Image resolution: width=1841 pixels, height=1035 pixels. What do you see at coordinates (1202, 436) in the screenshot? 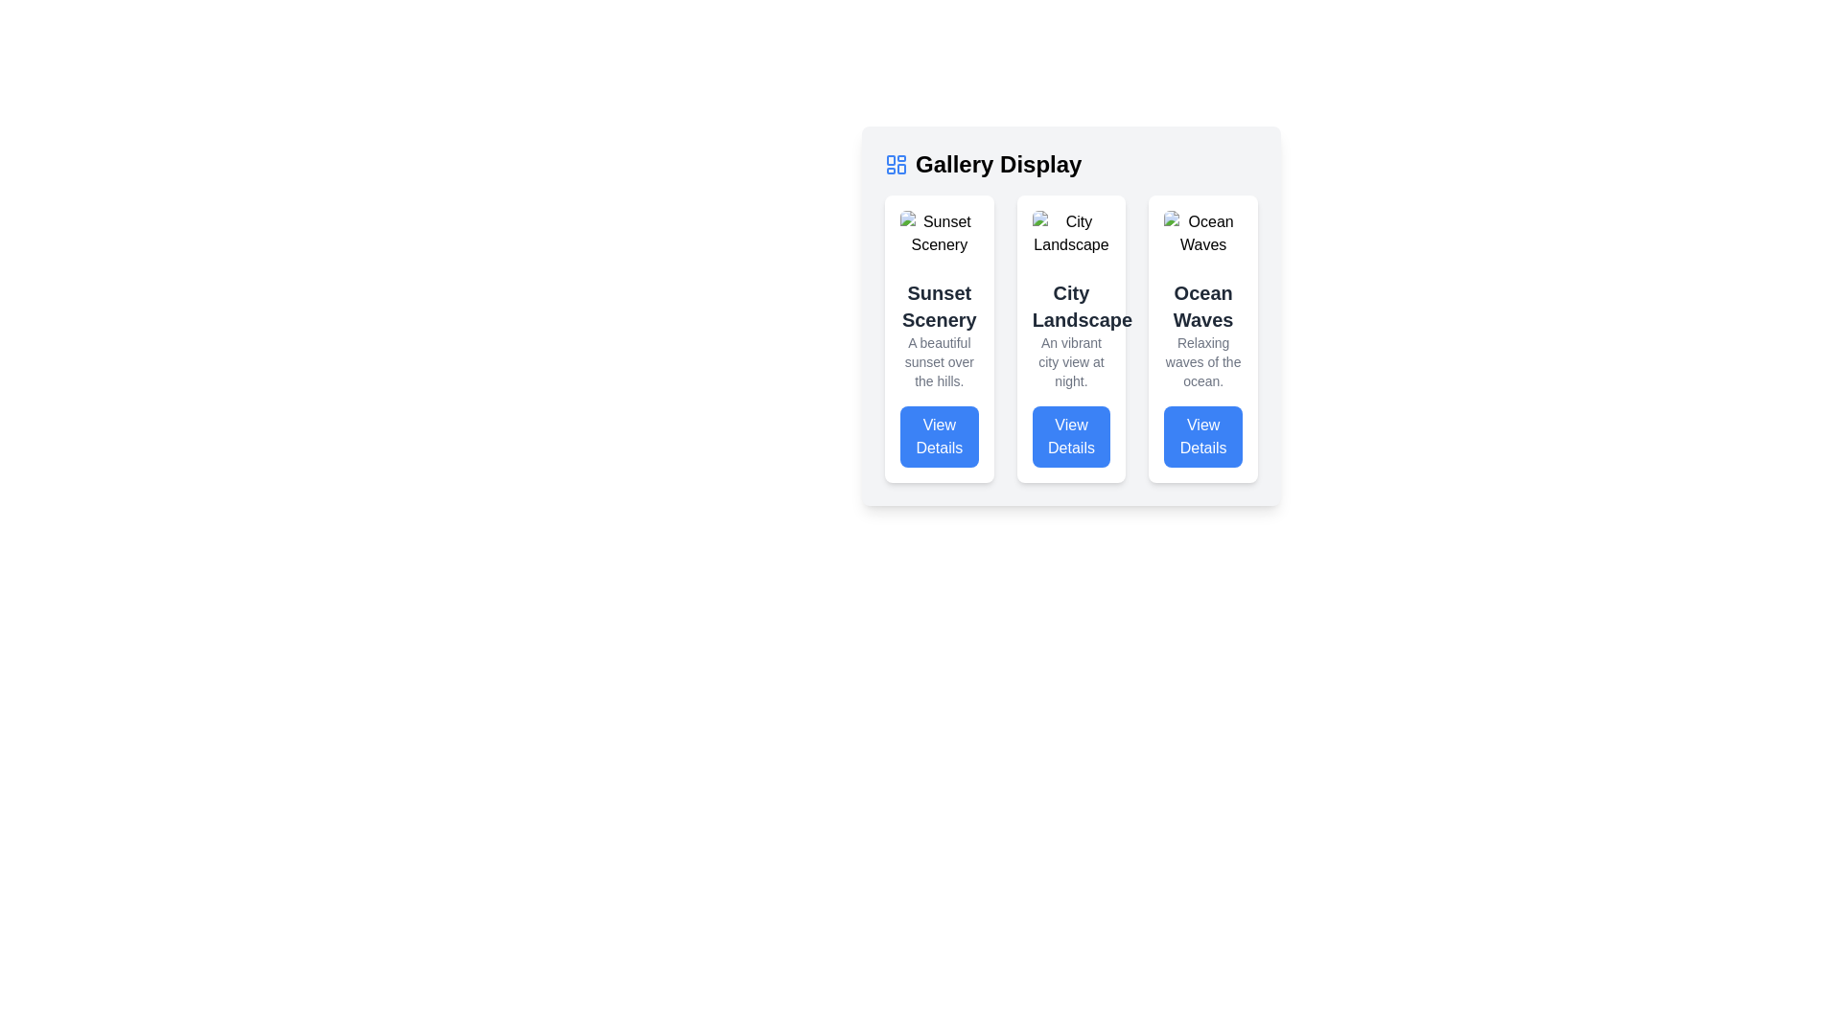
I see `the button located at the bottom of the 'Ocean Waves' card` at bounding box center [1202, 436].